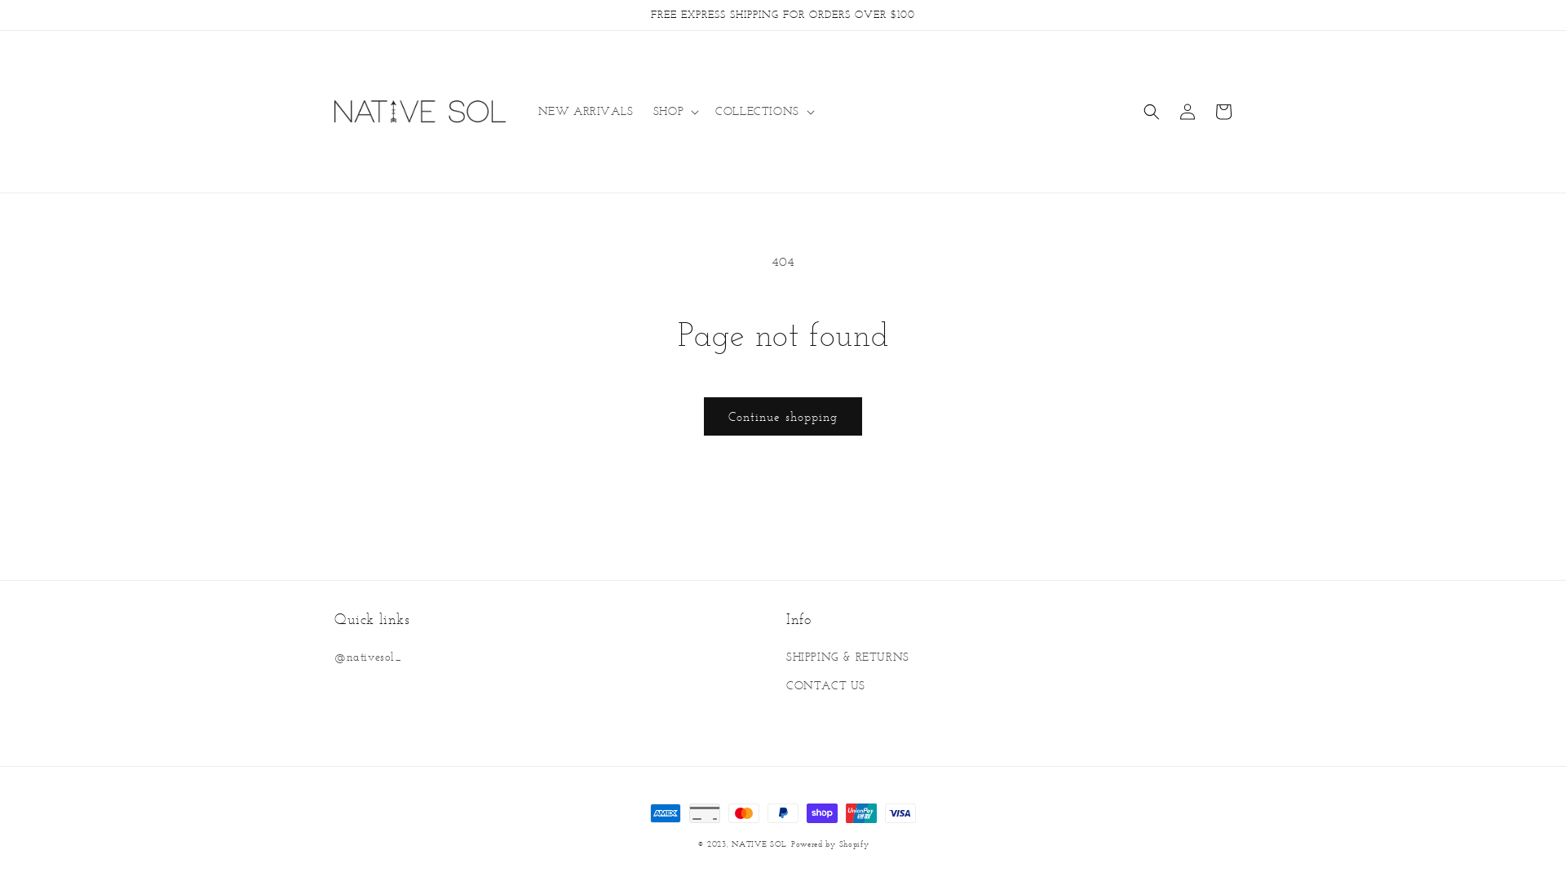  Describe the element at coordinates (1223, 111) in the screenshot. I see `'Cart'` at that location.